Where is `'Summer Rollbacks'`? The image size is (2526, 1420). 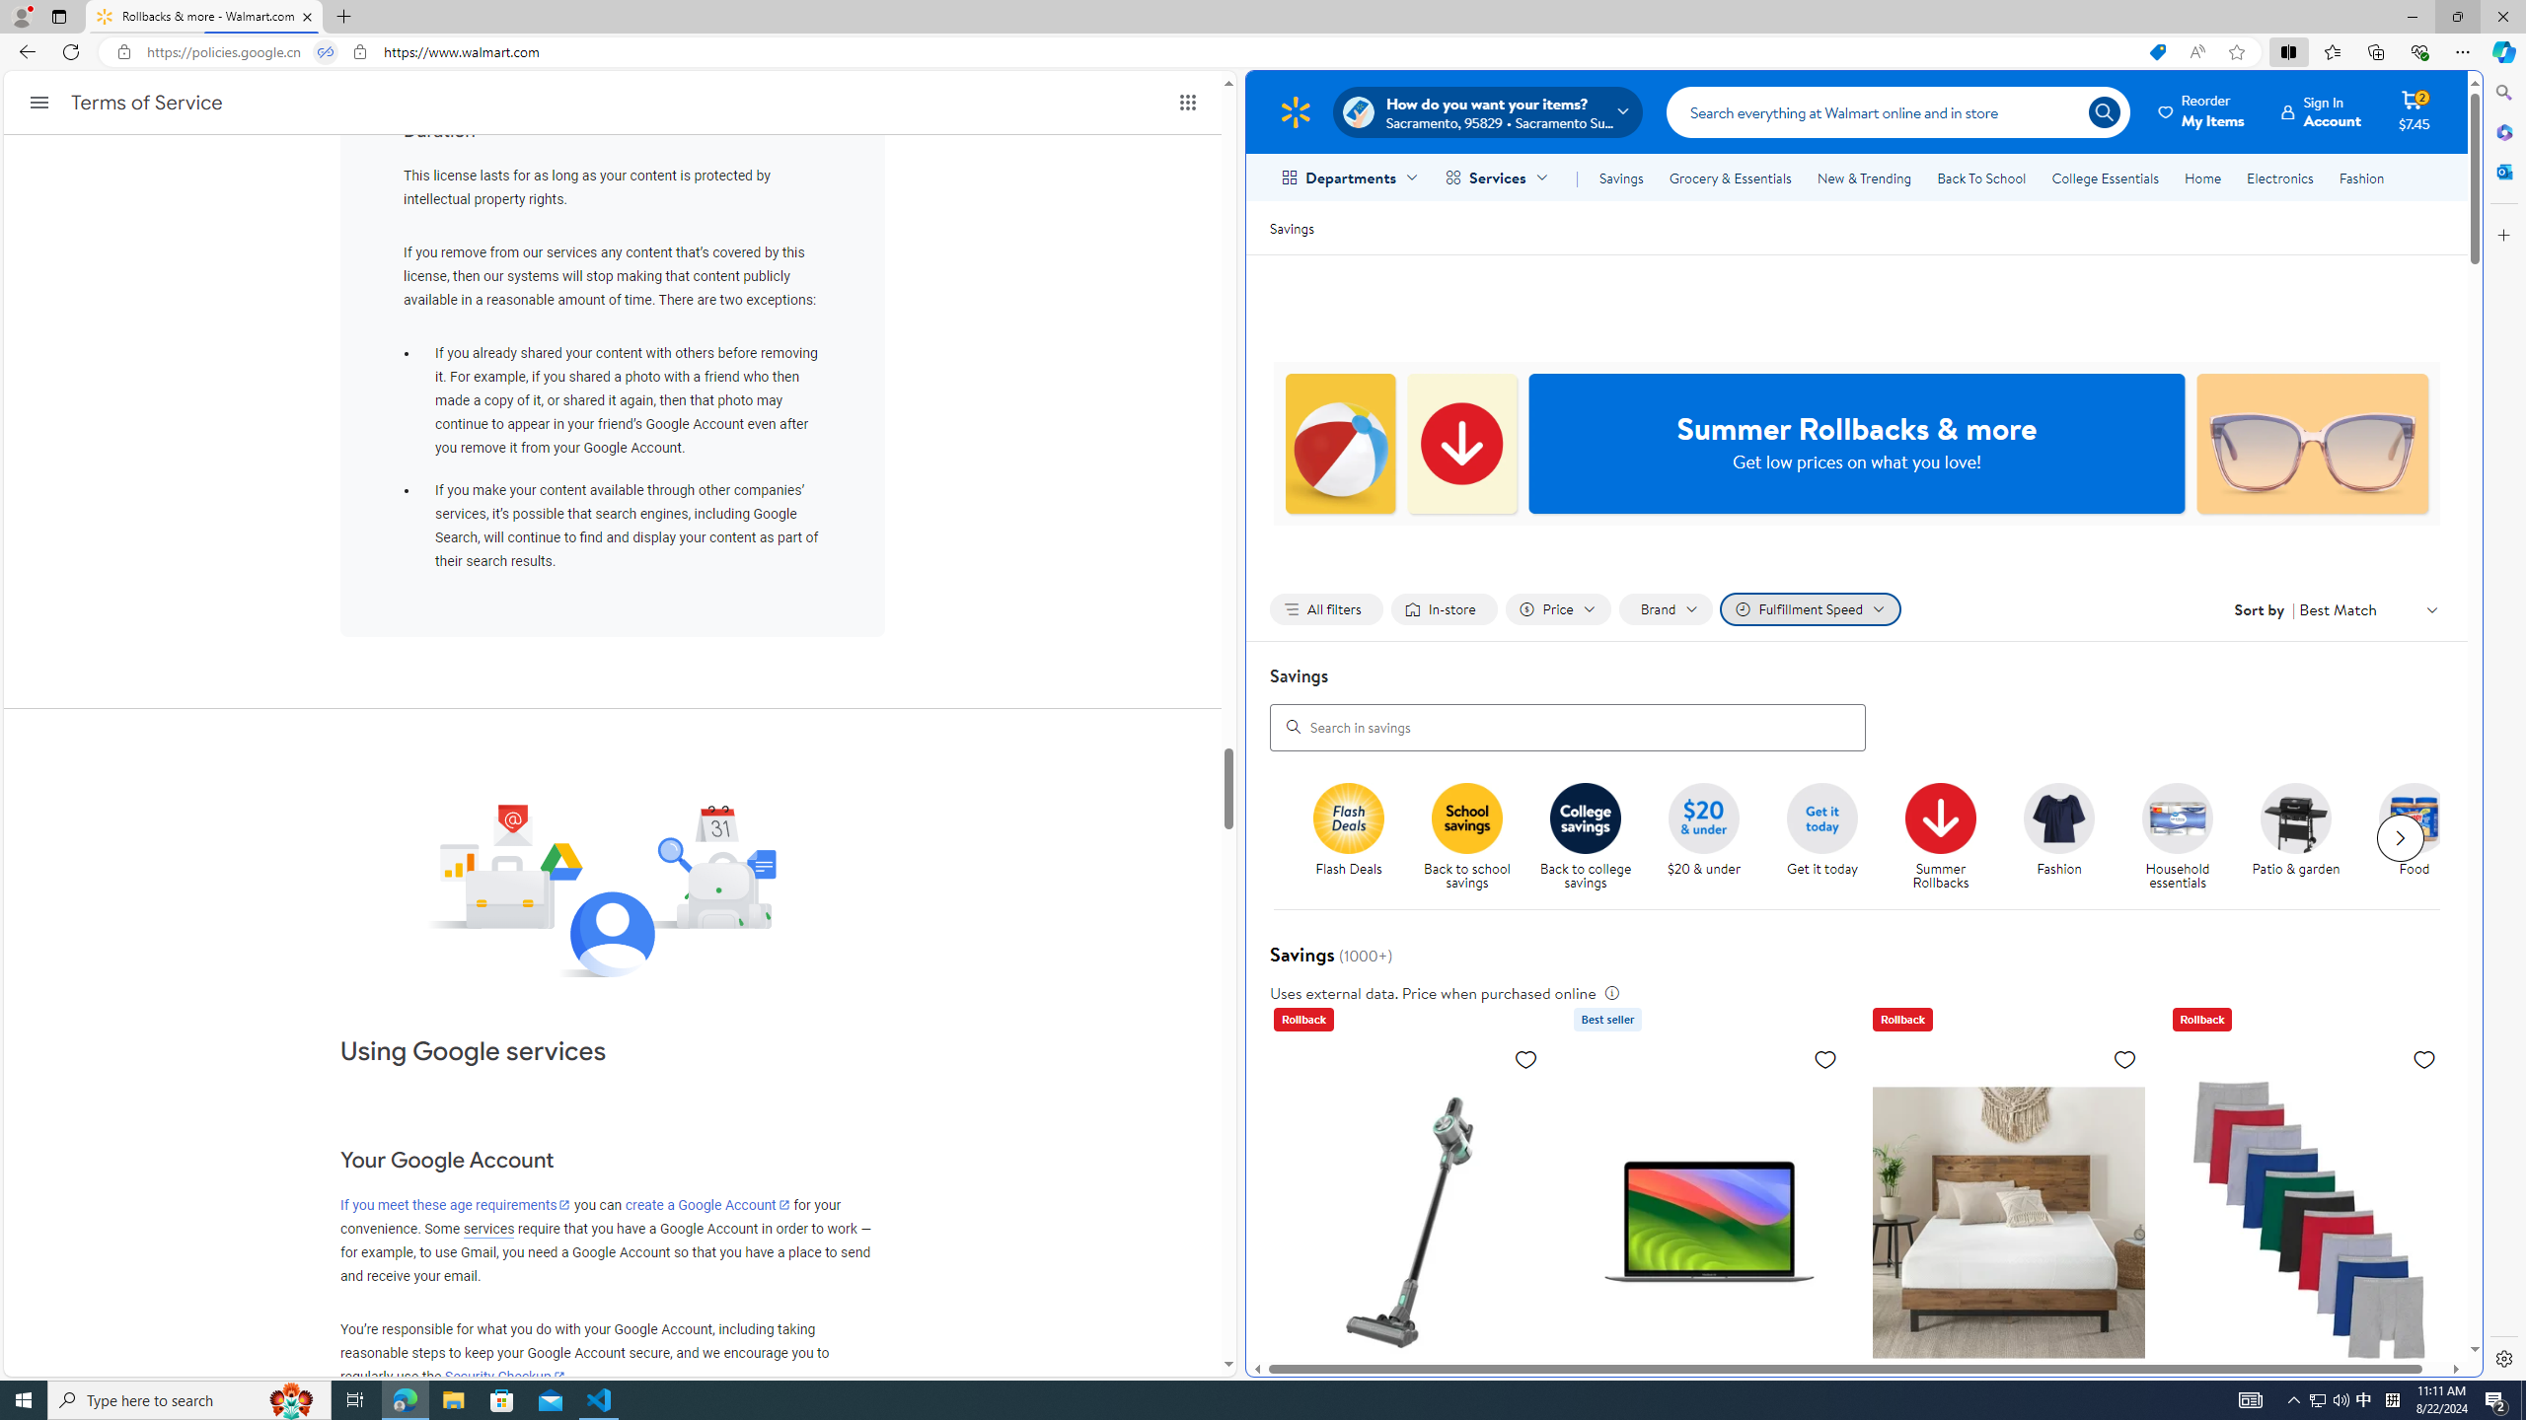 'Summer Rollbacks' is located at coordinates (1939, 816).